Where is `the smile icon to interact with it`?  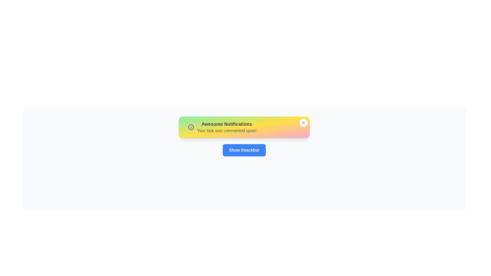 the smile icon to interact with it is located at coordinates (191, 127).